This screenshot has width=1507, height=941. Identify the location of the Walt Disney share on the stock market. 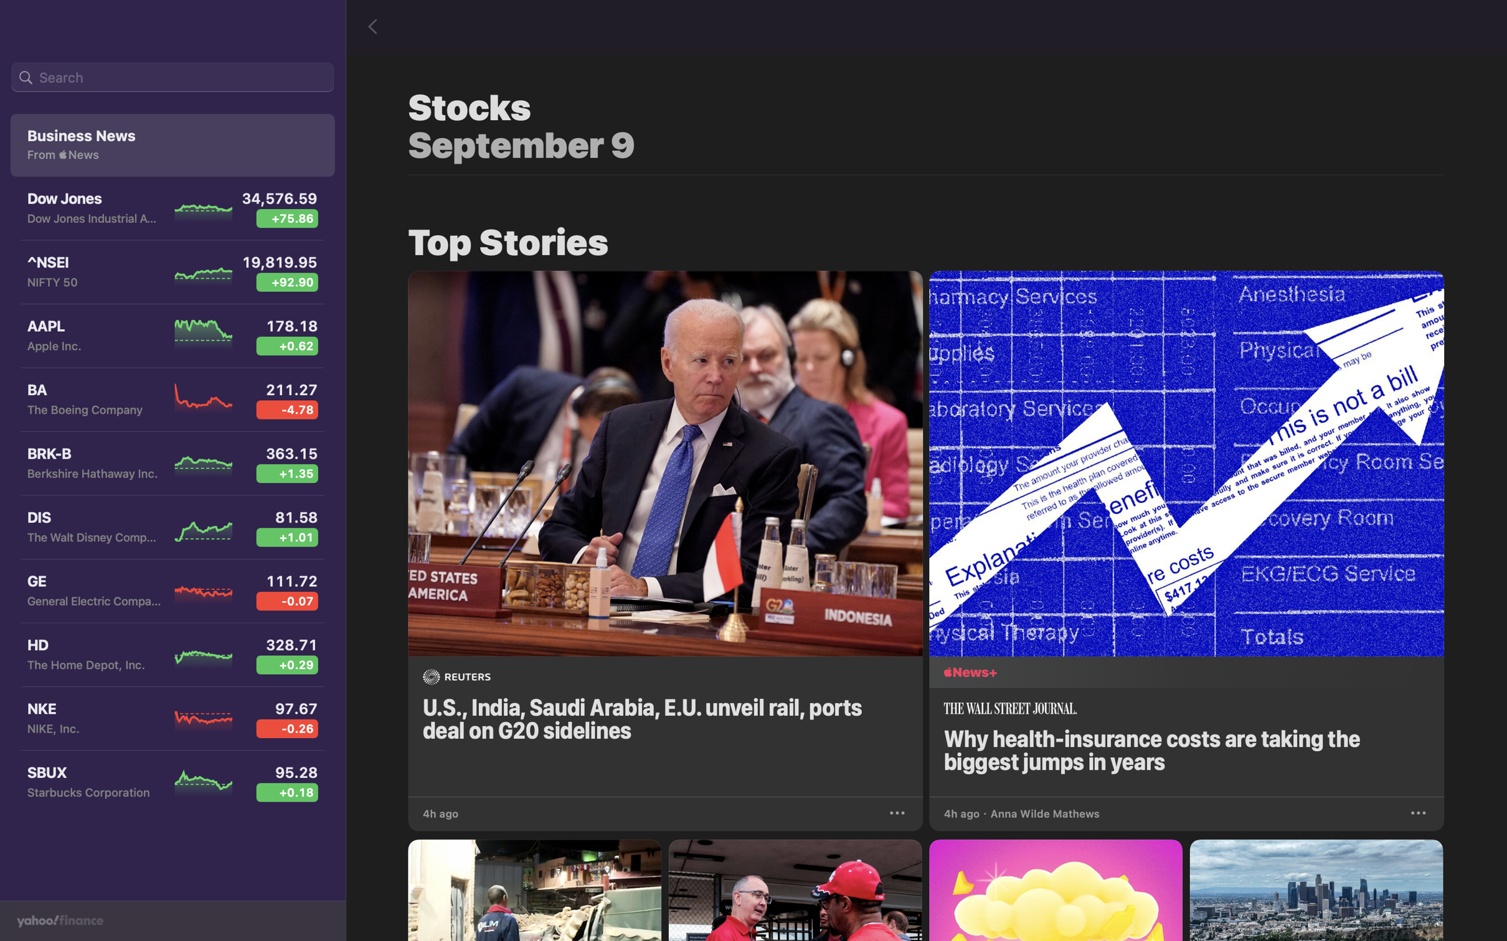
(168, 530).